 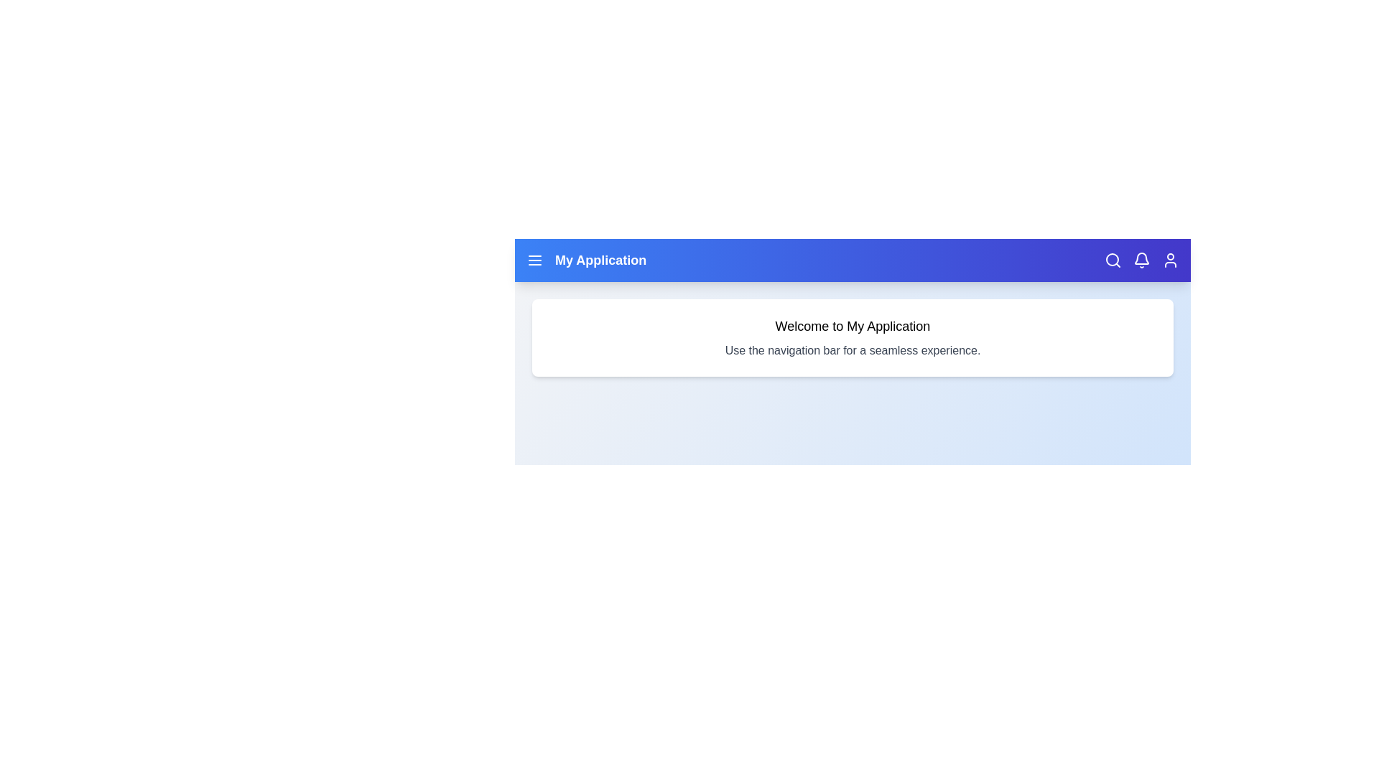 I want to click on the welcome message text to select it, so click(x=853, y=327).